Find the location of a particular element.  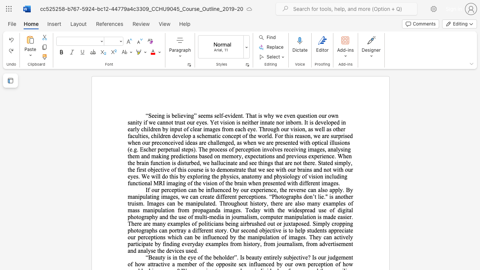

the subset text "s believing” seems self-evident. That is why we even question our own sanity if we cannot trust our eyes. Yet vision is neither innate nor inborn. It is developed in early children by input of clear images from each eye. Through our vision, as well as other faculties, chi" within the text "“Seeing is believing” seems self-evident. That is why we even question our own sanity if we cannot trust our eyes. Yet vision is neither innate nor inborn. It is developed in early children by input of clear images from each eye. Through our vision, as well as other faculties, children develop a schematic concept of the world. For this reason, we are surprised when our preconceived ideas are challenged, as when we are presented with optical illusions (e.g. Escher perpetual steps). The process of perception" is located at coordinates (167, 115).